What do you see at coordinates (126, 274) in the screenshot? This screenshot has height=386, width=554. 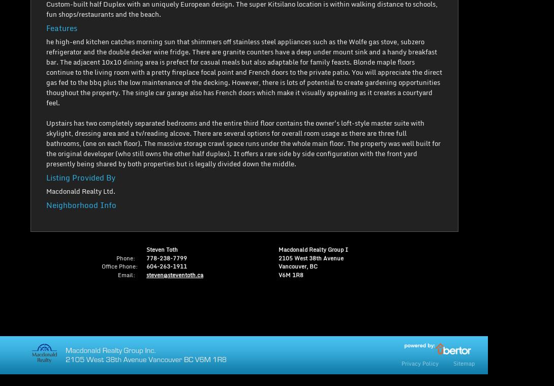 I see `'Email:'` at bounding box center [126, 274].